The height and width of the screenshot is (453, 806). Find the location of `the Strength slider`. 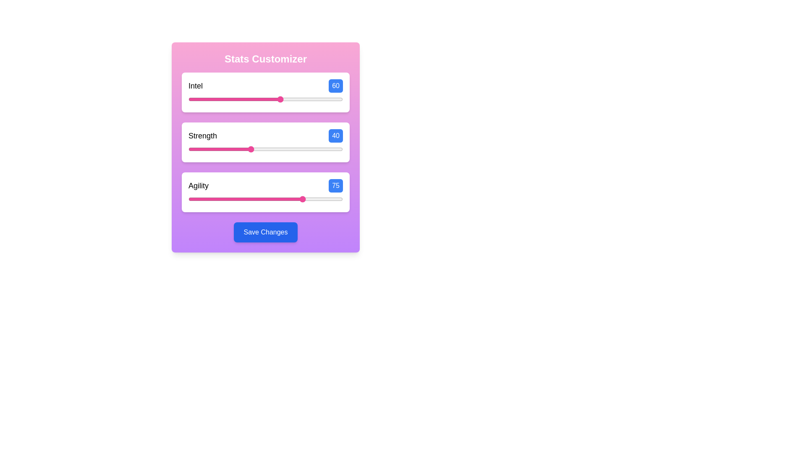

the Strength slider is located at coordinates (280, 148).